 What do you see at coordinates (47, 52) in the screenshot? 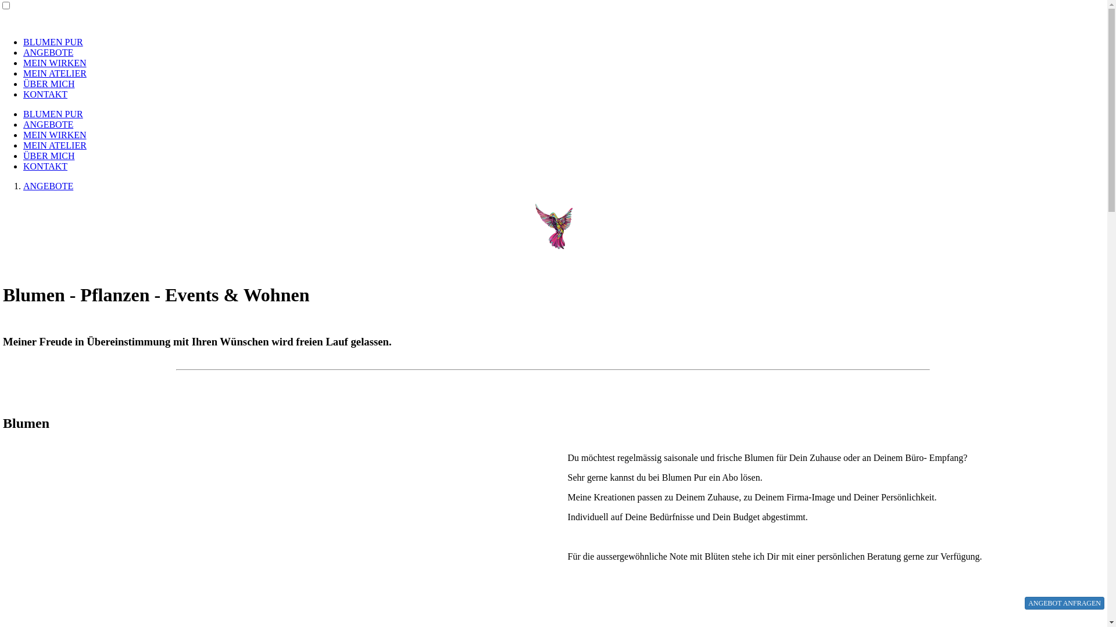
I see `'ANGEBOTE'` at bounding box center [47, 52].